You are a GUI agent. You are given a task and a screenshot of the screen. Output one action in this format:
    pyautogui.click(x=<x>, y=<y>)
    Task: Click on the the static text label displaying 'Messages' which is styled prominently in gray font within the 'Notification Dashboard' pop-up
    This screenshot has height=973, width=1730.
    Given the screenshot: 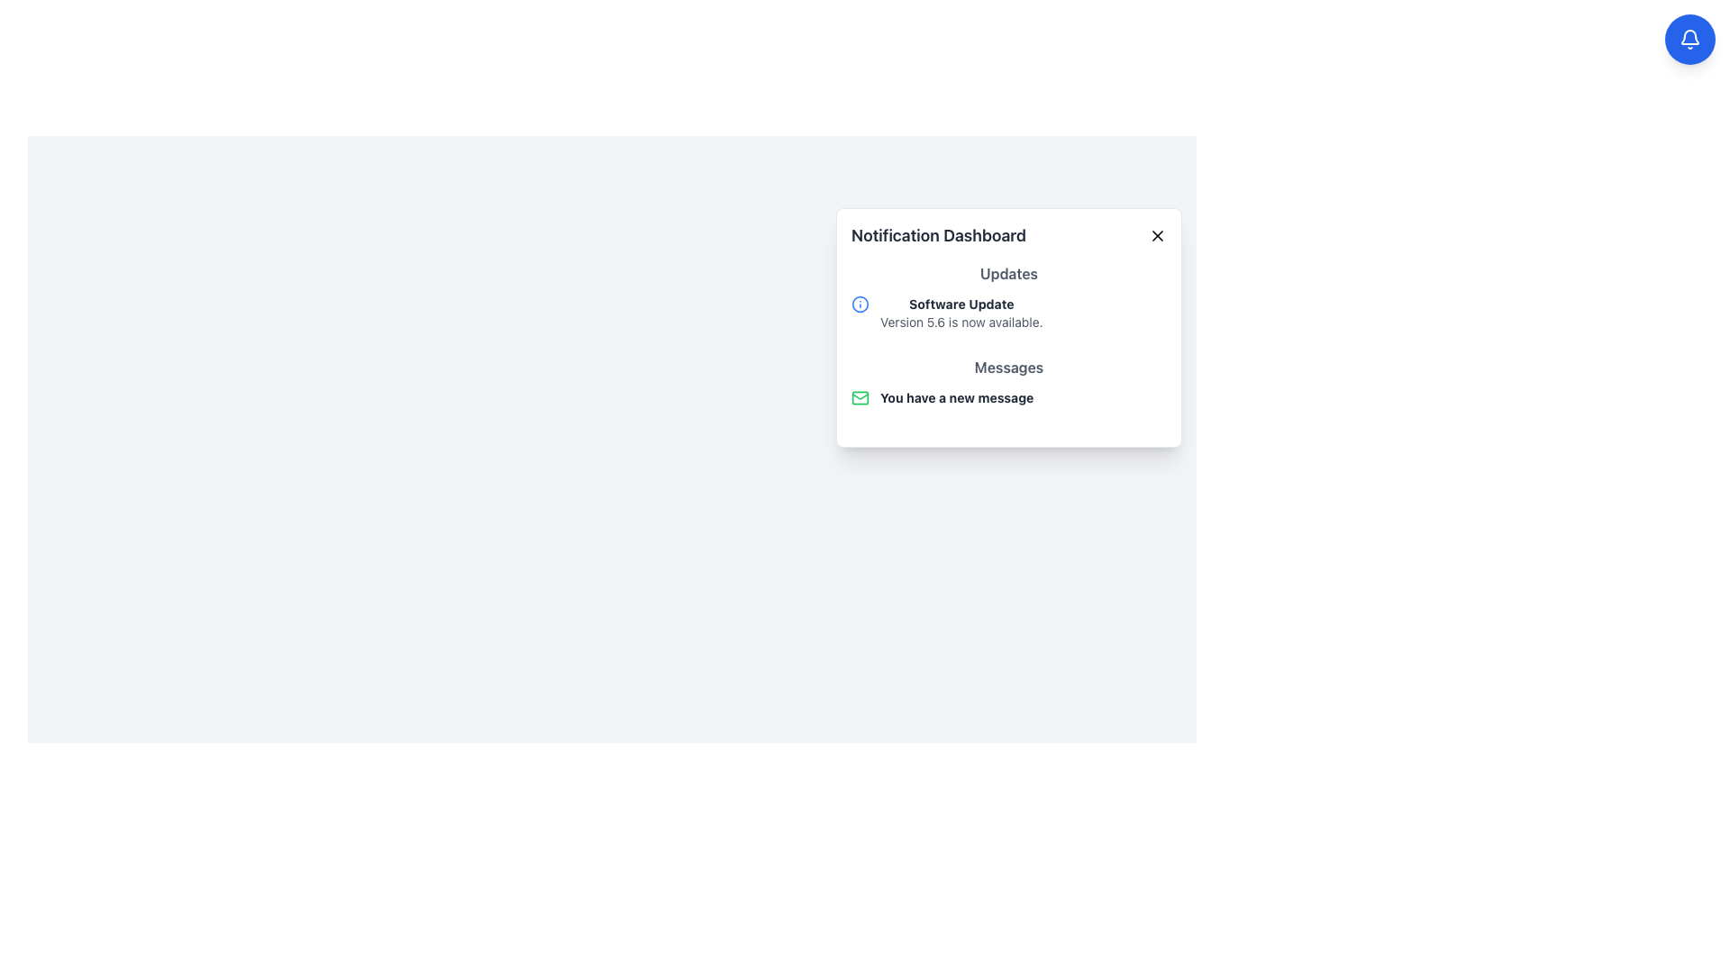 What is the action you would take?
    pyautogui.click(x=1007, y=367)
    